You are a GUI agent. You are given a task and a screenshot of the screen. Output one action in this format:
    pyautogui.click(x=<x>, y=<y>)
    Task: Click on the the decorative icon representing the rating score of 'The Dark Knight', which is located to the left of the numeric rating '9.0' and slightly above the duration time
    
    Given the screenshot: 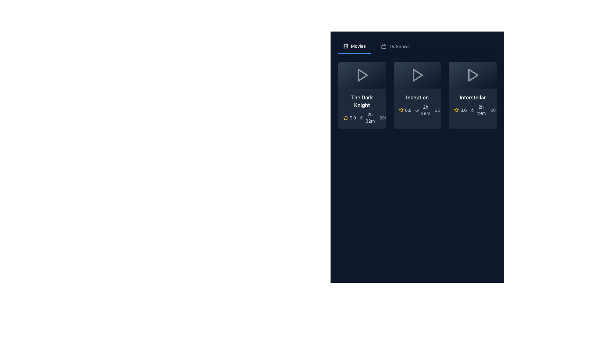 What is the action you would take?
    pyautogui.click(x=345, y=118)
    